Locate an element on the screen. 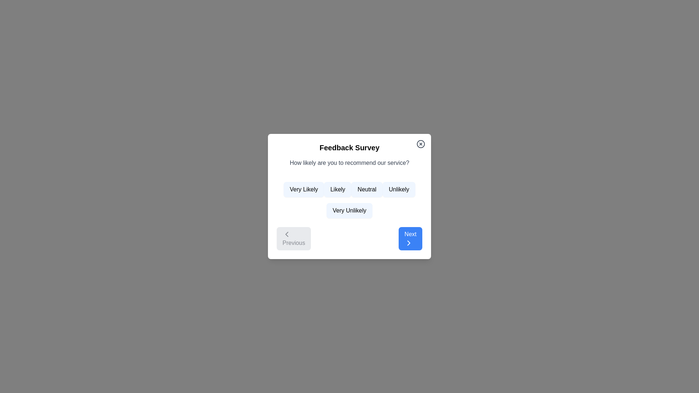  the 'Previous' button located at the bottom-left of the modal dialog is located at coordinates (286, 234).